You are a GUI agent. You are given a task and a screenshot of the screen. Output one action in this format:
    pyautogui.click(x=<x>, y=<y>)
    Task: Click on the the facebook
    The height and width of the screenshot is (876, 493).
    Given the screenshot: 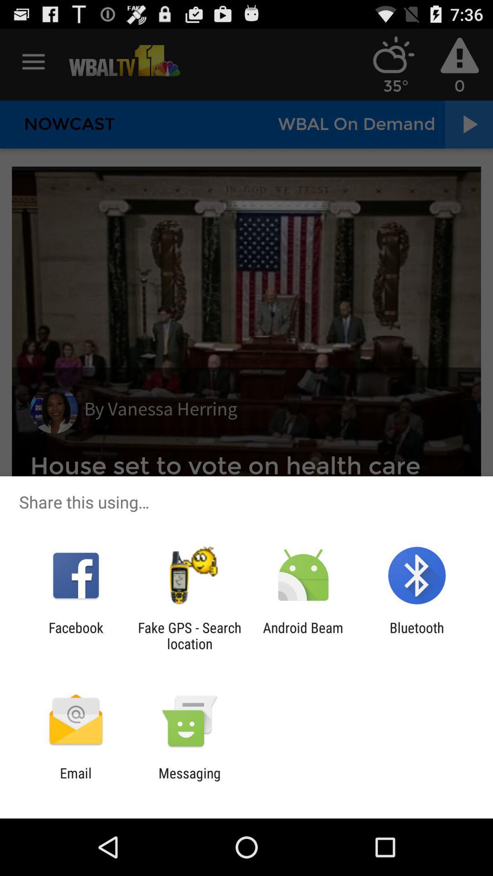 What is the action you would take?
    pyautogui.click(x=75, y=635)
    